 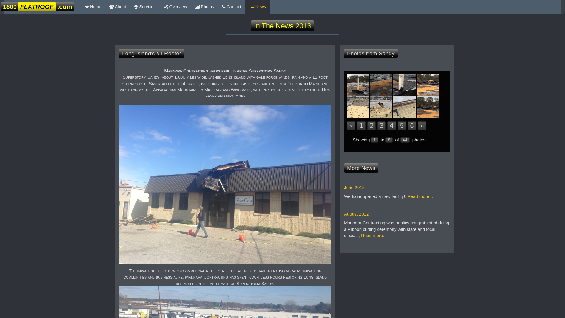 I want to click on '6', so click(x=411, y=125).